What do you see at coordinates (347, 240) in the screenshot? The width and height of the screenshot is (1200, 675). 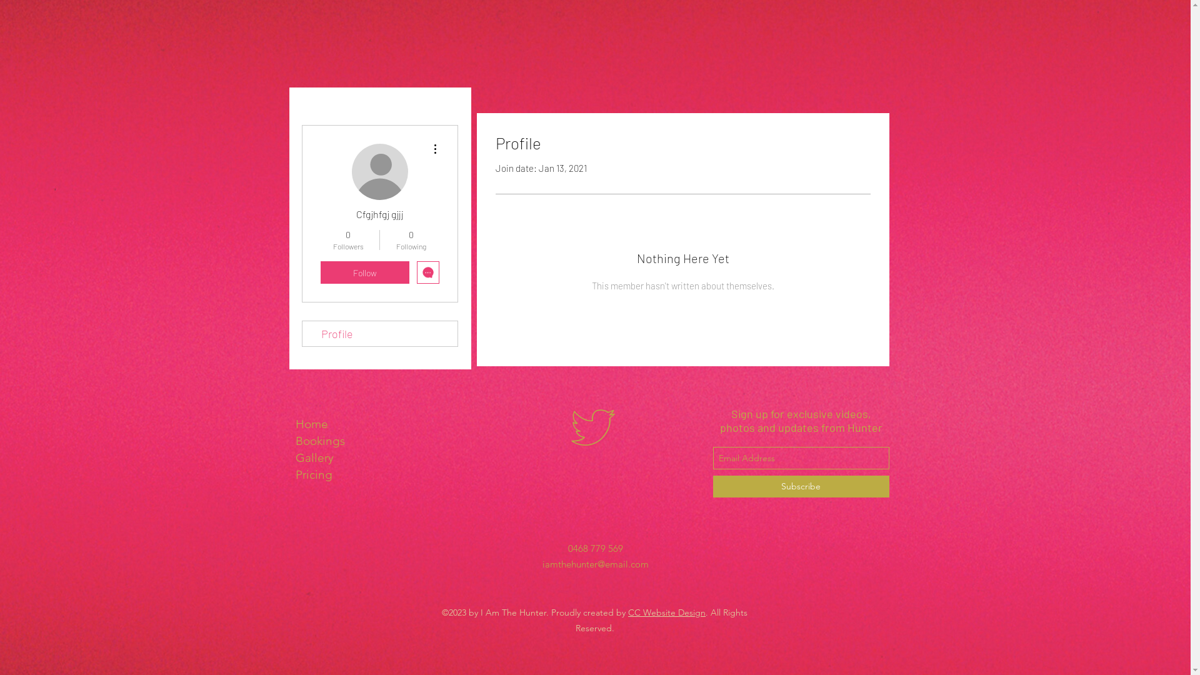 I see `'0` at bounding box center [347, 240].